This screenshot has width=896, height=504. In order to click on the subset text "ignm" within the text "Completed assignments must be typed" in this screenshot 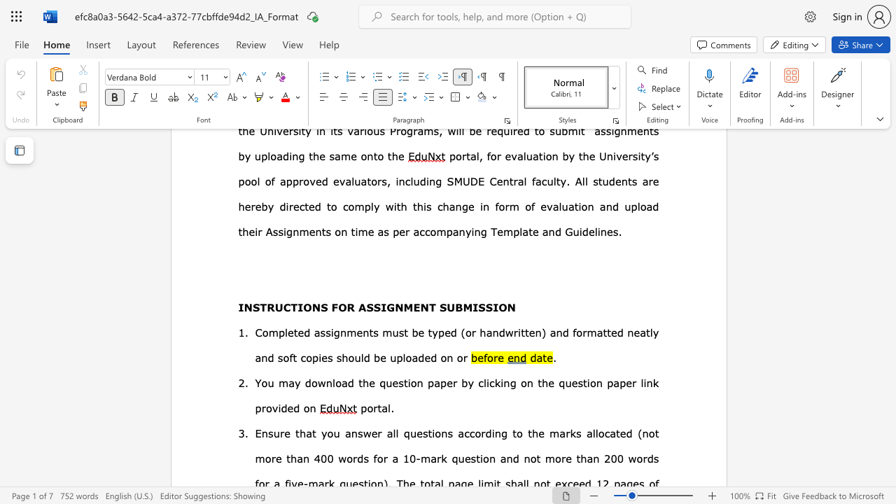, I will do `click(330, 332)`.